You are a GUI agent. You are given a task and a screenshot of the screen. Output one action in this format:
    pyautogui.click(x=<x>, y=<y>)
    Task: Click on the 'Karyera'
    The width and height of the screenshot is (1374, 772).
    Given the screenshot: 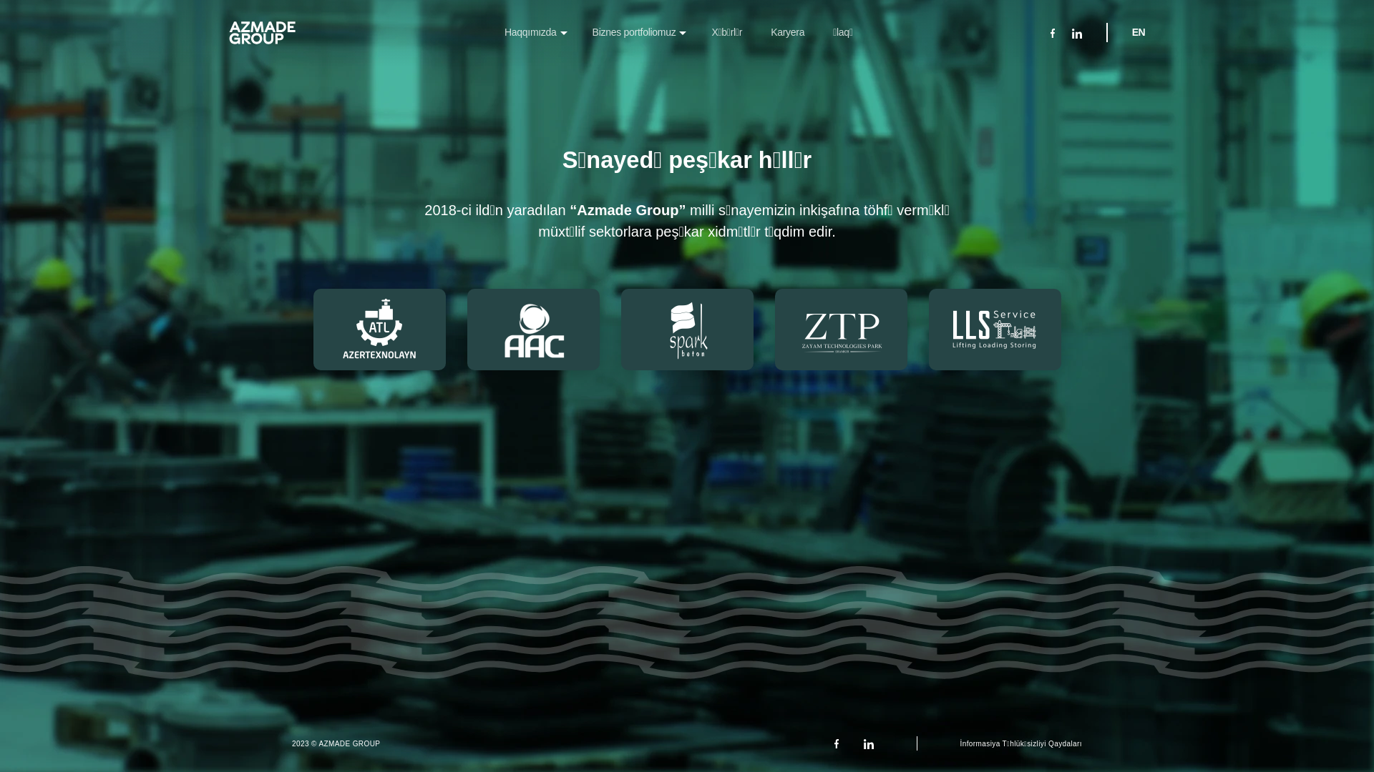 What is the action you would take?
    pyautogui.click(x=786, y=32)
    